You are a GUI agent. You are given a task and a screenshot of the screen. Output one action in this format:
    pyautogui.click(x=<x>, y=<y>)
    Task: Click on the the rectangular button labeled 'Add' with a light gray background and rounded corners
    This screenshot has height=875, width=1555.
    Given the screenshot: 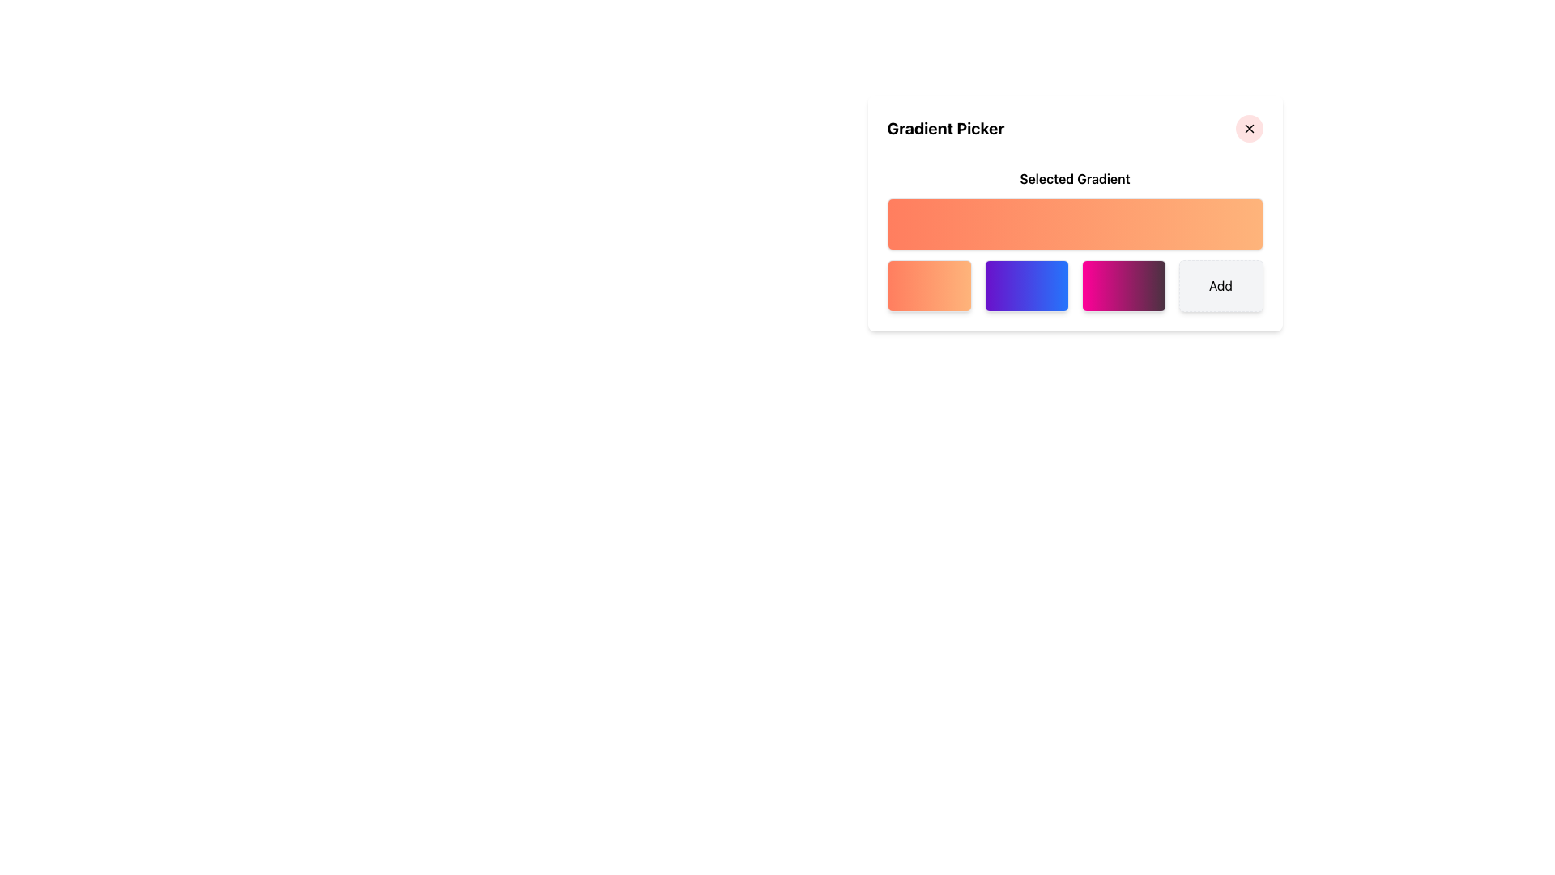 What is the action you would take?
    pyautogui.click(x=1221, y=285)
    